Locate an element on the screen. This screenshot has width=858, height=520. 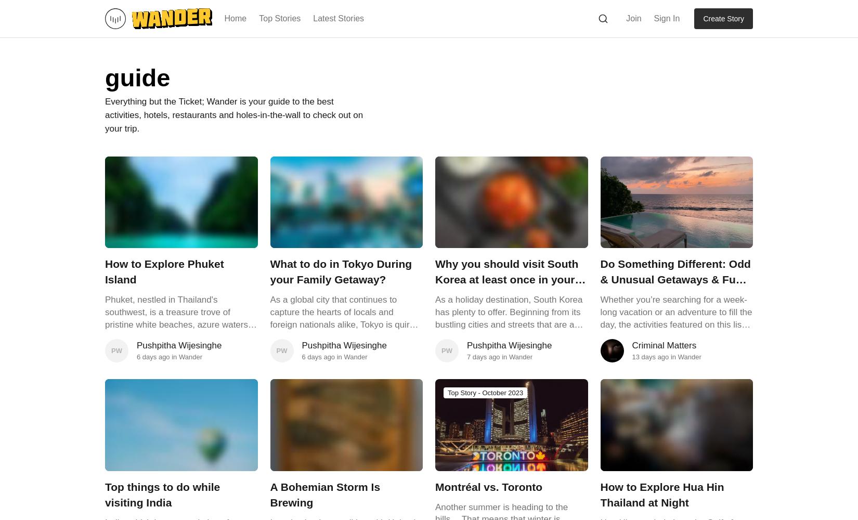
'Do Something Different: Odd & Unusual Getaways & Fun Adventures' is located at coordinates (600, 279).